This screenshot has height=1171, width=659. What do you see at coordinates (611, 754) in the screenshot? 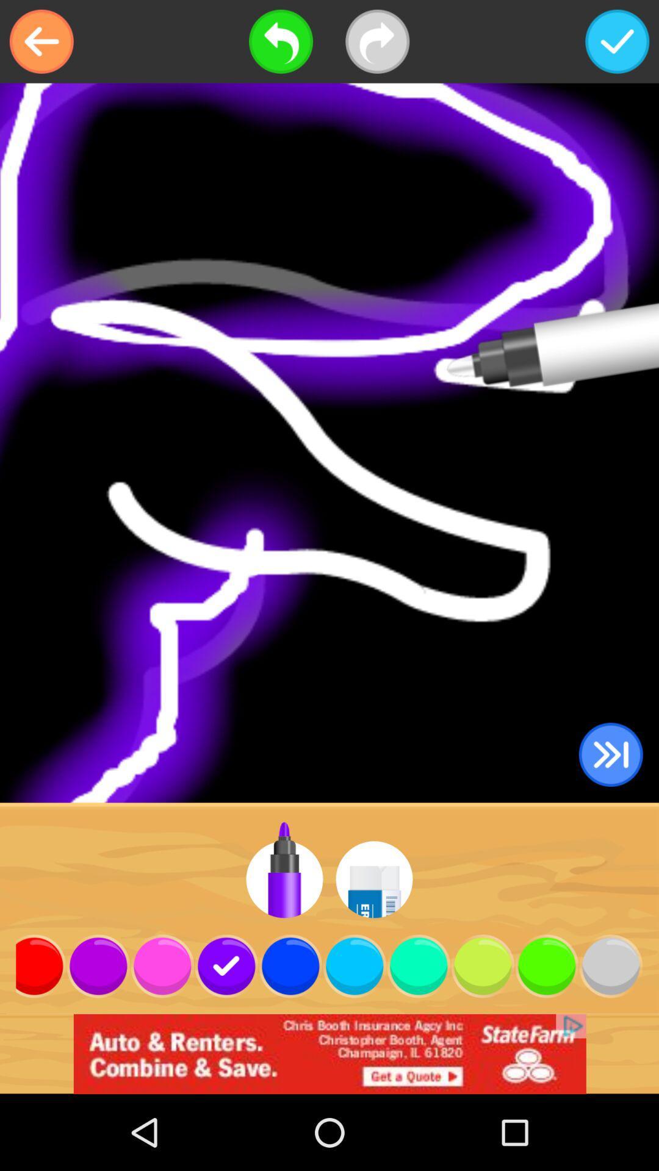
I see `fast forward` at bounding box center [611, 754].